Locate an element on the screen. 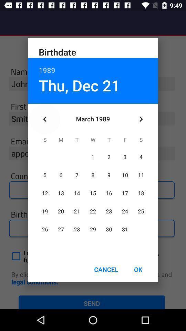  the thu, dec 21 is located at coordinates (79, 85).